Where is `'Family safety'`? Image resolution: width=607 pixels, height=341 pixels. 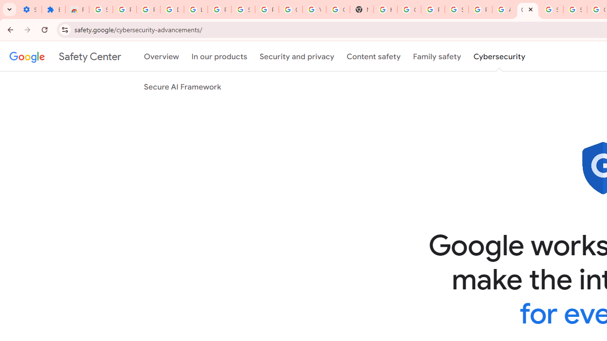
'Family safety' is located at coordinates (436, 56).